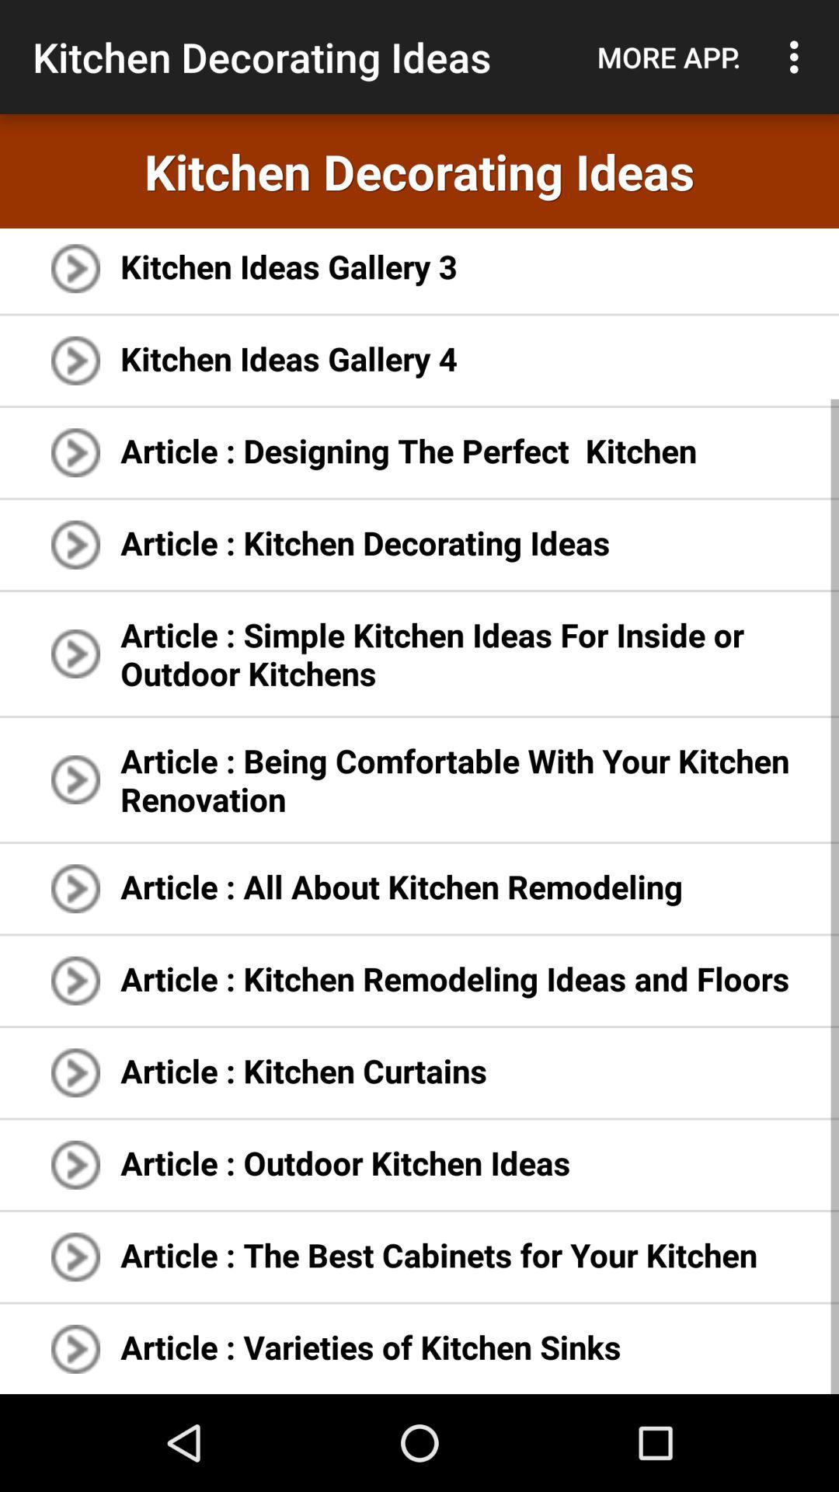 This screenshot has width=839, height=1492. I want to click on app to the right of kitchen decorating ideas icon, so click(668, 57).